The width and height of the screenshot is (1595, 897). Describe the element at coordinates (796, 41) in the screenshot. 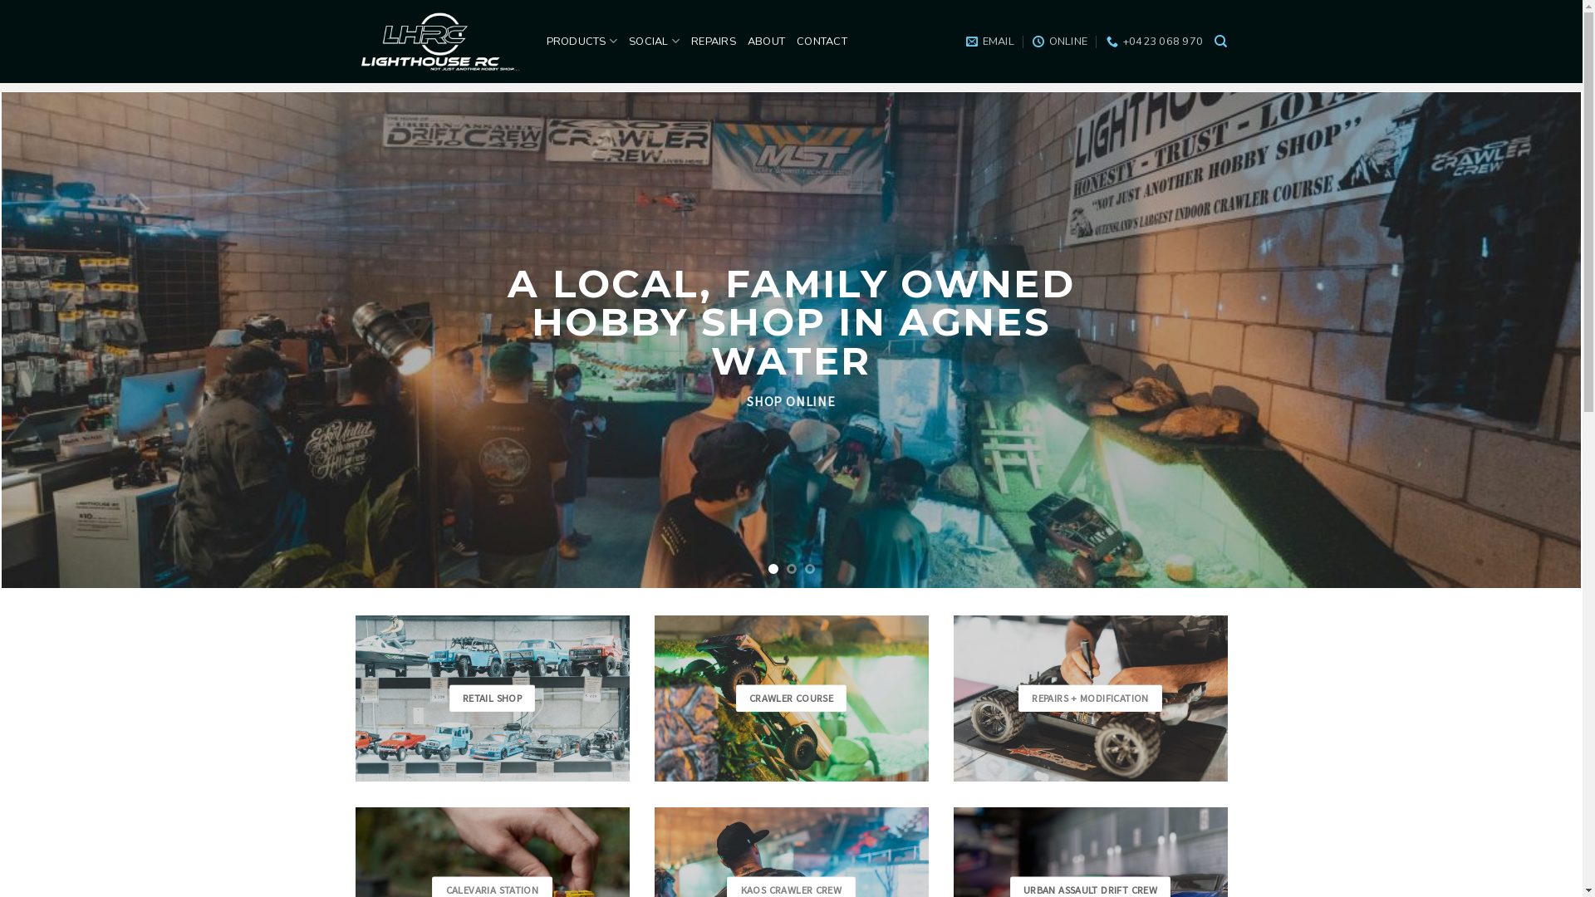

I see `'CONTACT'` at that location.